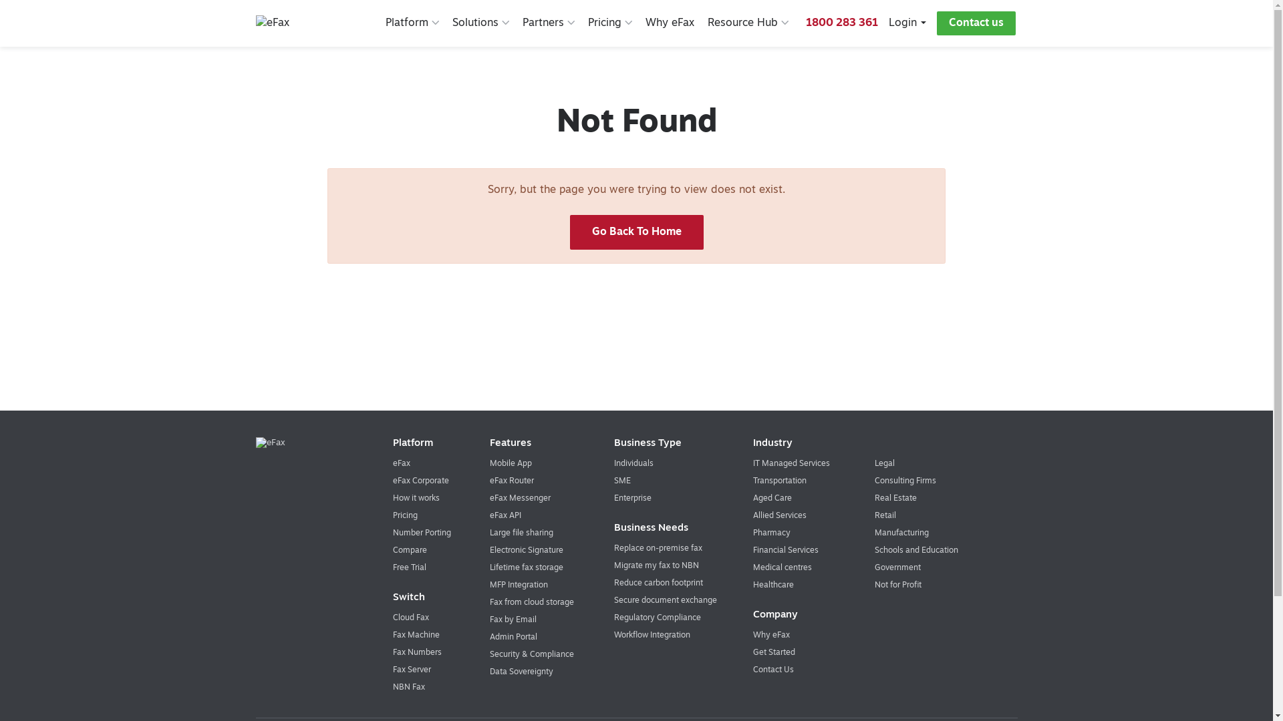 This screenshot has height=721, width=1283. I want to click on 'Switch', so click(426, 597).